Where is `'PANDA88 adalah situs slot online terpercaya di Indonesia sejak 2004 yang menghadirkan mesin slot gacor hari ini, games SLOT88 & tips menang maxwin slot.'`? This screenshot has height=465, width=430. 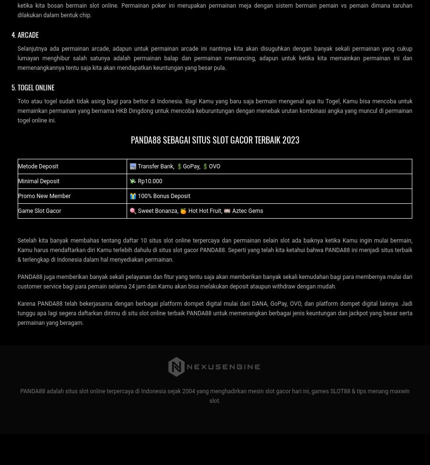
'PANDA88 adalah situs slot online terpercaya di Indonesia sejak 2004 yang menghadirkan mesin slot gacor hari ini, games SLOT88 & tips menang maxwin slot.' is located at coordinates (215, 395).